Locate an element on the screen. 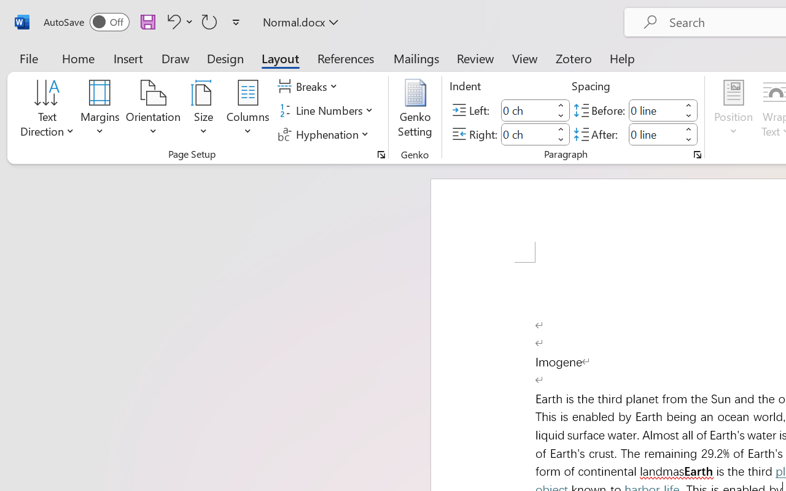 This screenshot has width=786, height=491. 'Page Setup...' is located at coordinates (381, 154).